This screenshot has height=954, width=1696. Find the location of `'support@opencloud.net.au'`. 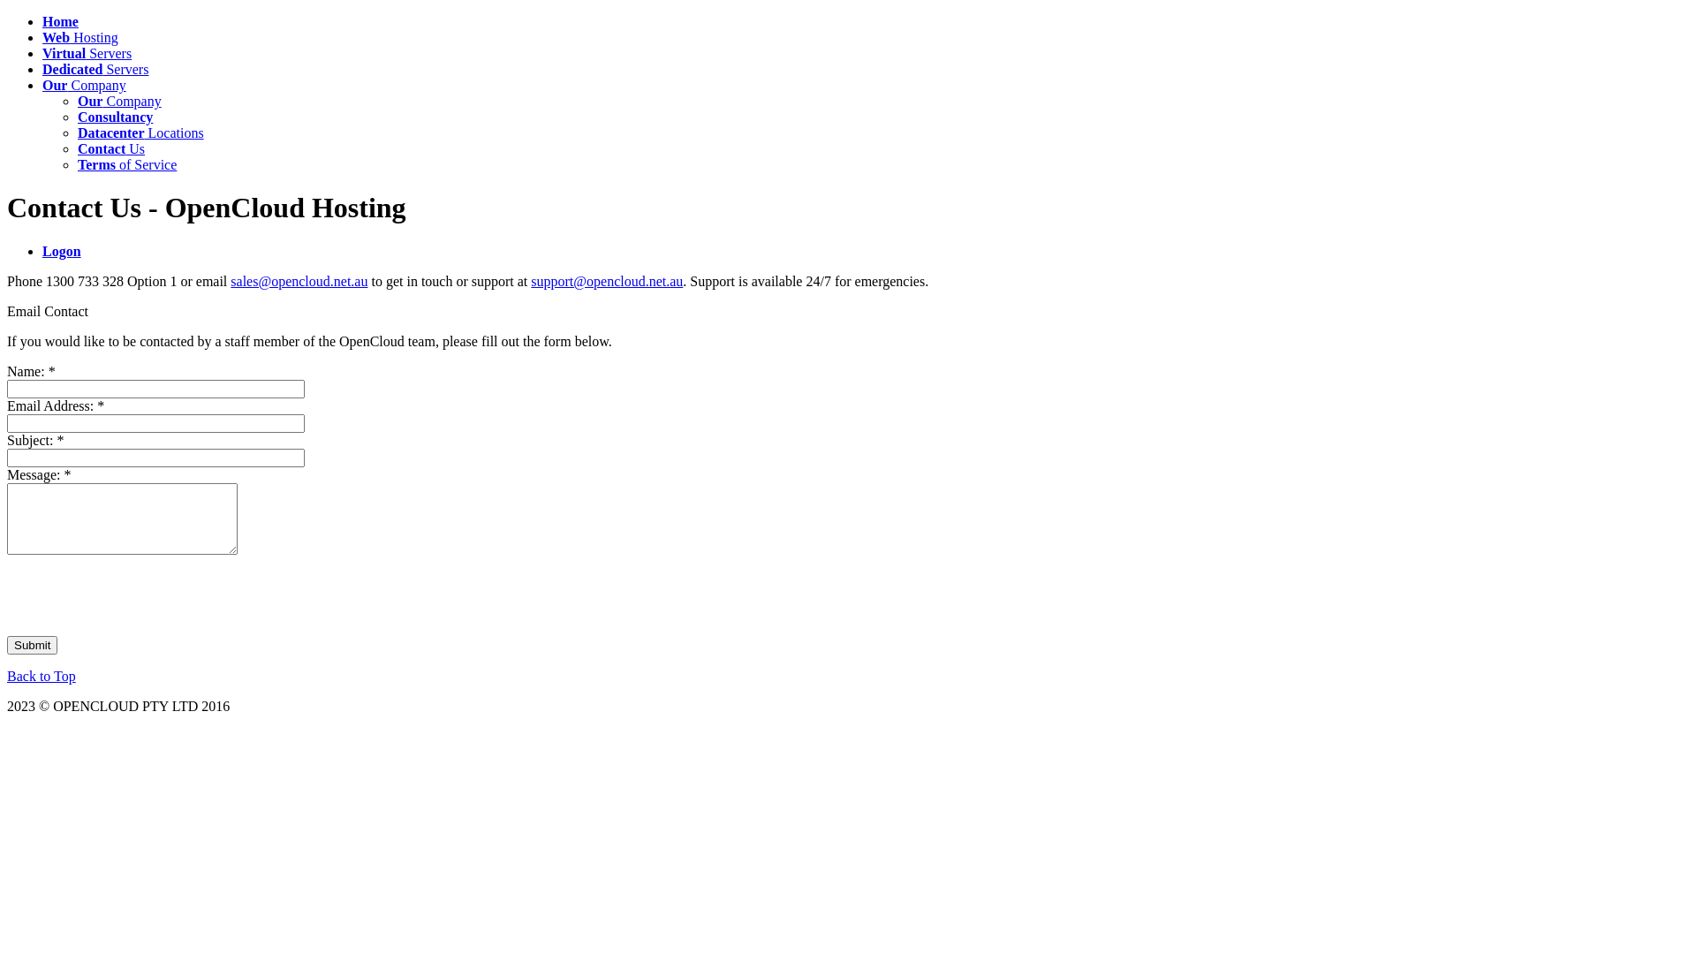

'support@opencloud.net.au' is located at coordinates (606, 280).